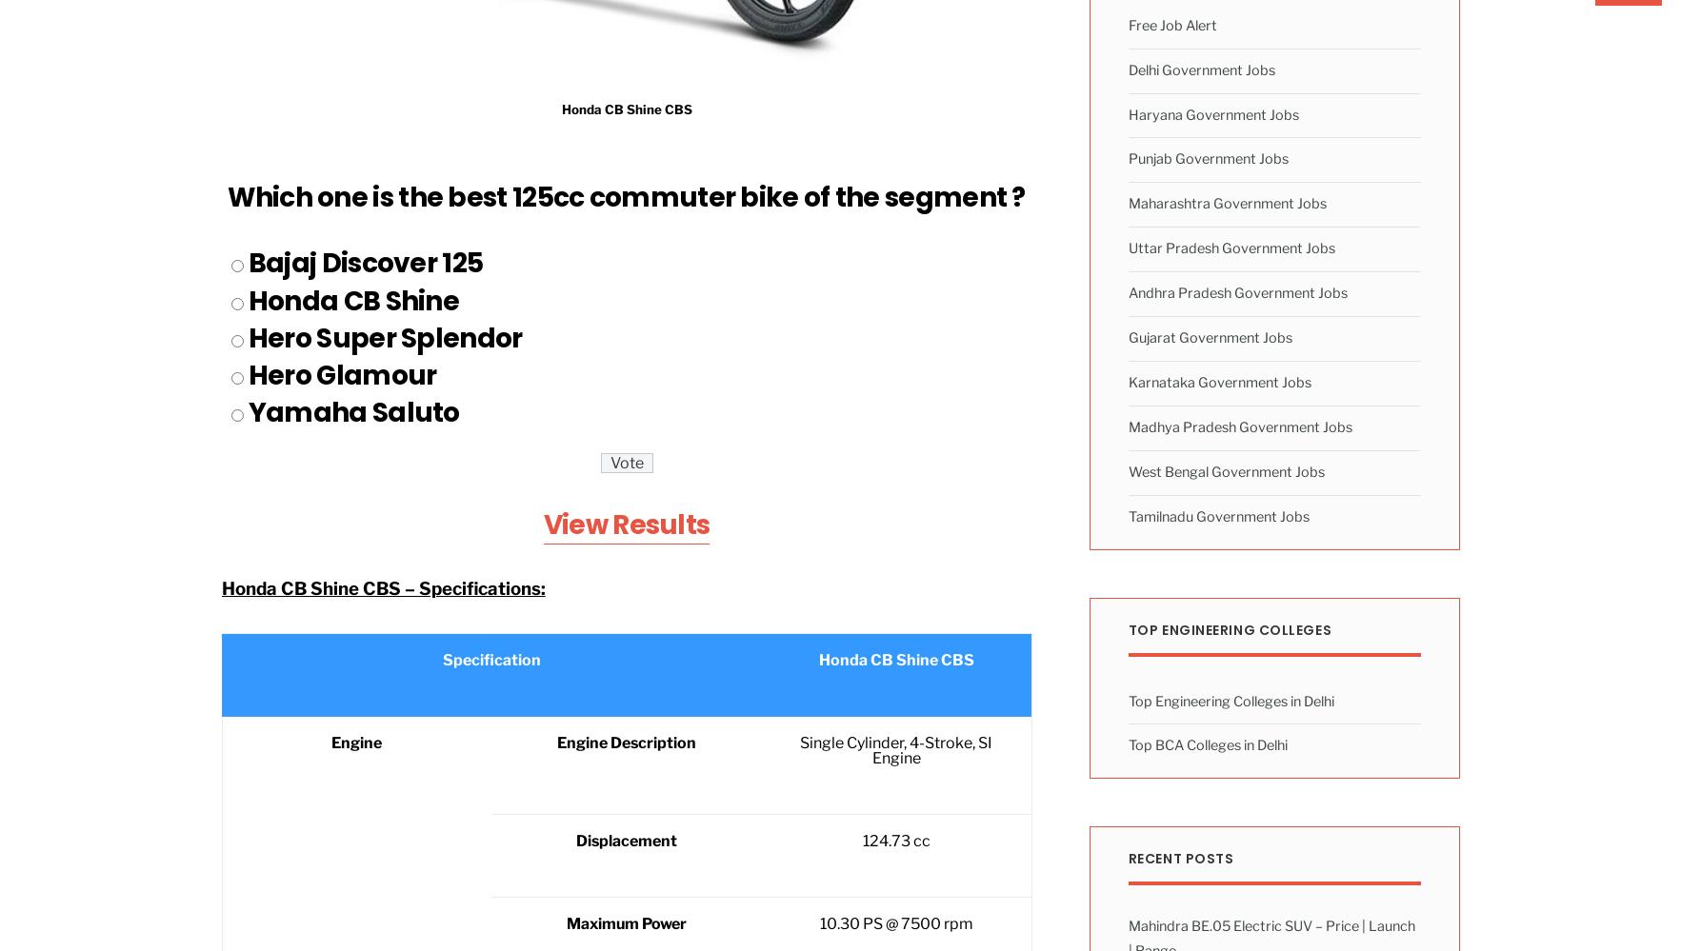 Image resolution: width=1681 pixels, height=951 pixels. Describe the element at coordinates (1127, 113) in the screenshot. I see `'Haryana Government Jobs'` at that location.